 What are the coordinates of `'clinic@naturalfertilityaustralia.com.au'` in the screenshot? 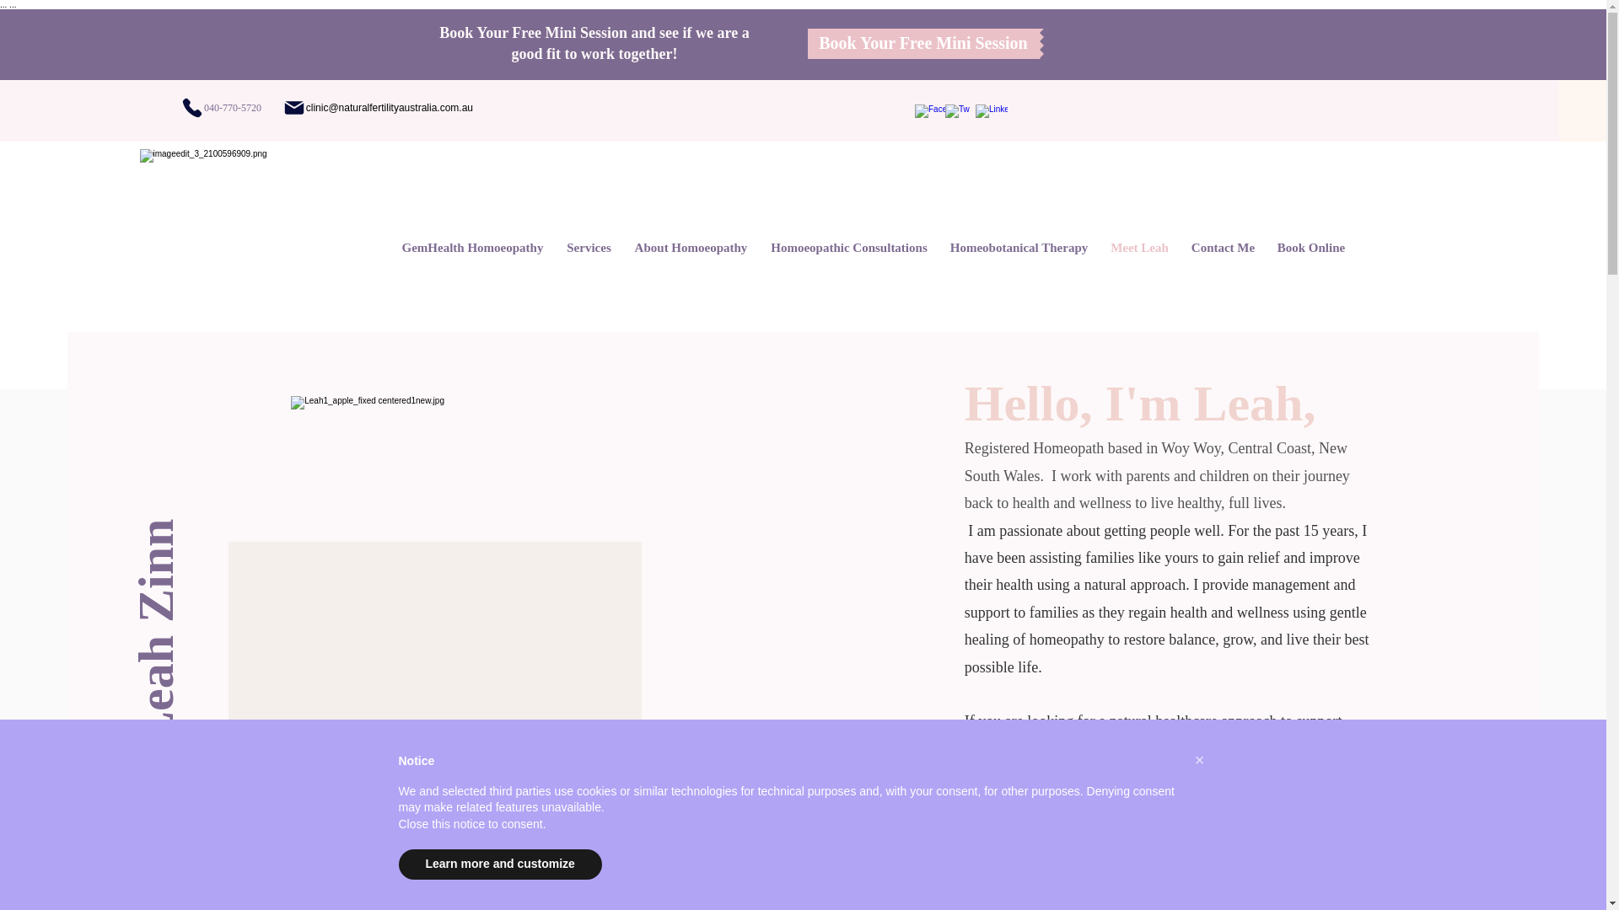 It's located at (373, 107).